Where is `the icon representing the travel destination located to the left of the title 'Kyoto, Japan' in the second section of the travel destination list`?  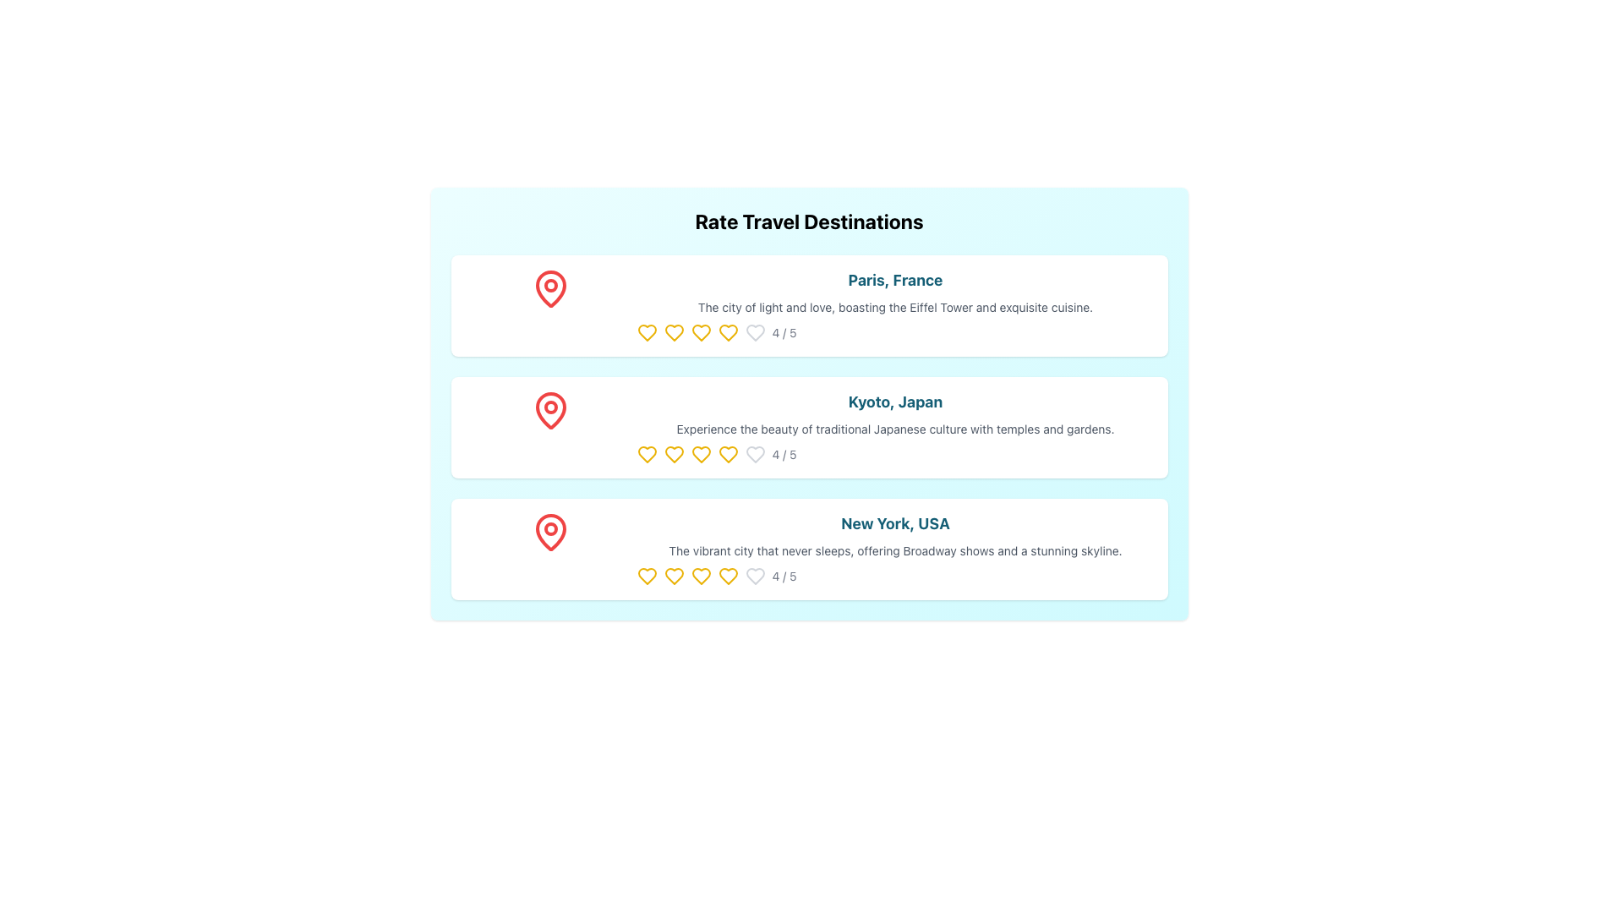
the icon representing the travel destination located to the left of the title 'Kyoto, Japan' in the second section of the travel destination list is located at coordinates (550, 411).